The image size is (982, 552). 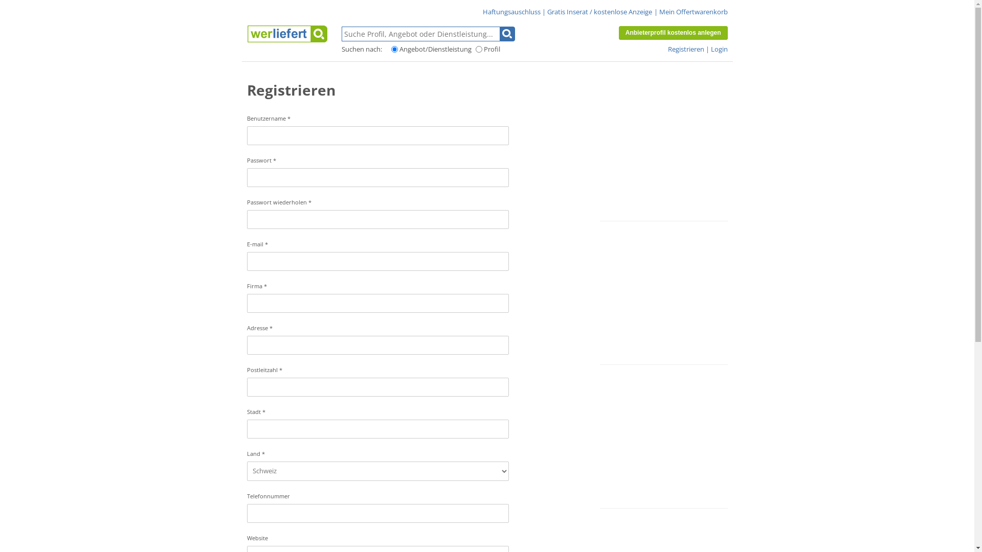 What do you see at coordinates (482, 12) in the screenshot?
I see `'Haftungsauschluss'` at bounding box center [482, 12].